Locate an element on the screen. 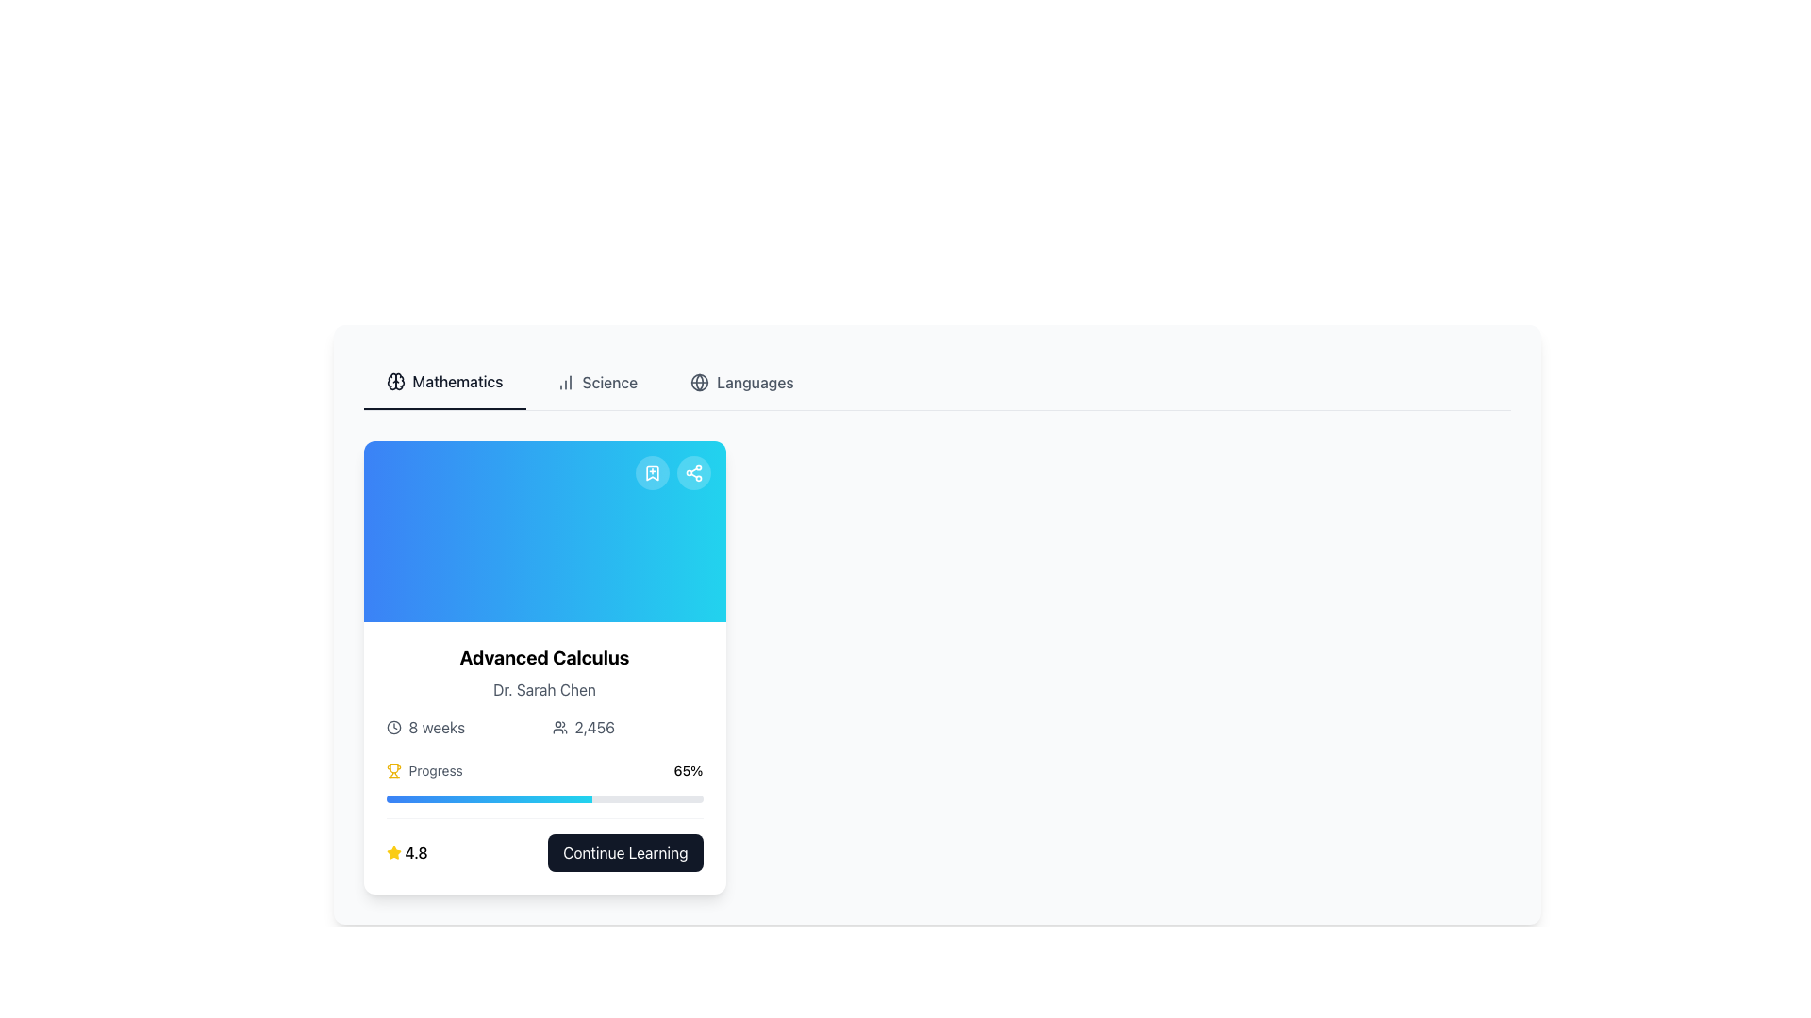 This screenshot has height=1018, width=1811. the 'Advanced Calculus' course information card located in the lower part of the card structure under the 'Mathematics' category is located at coordinates (543, 757).